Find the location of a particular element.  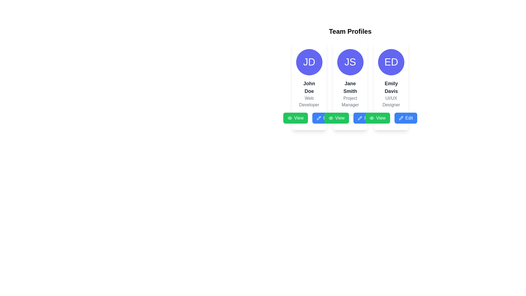

the avatar or text of the user profile card located in the 'Team Profiles' section is located at coordinates (309, 86).